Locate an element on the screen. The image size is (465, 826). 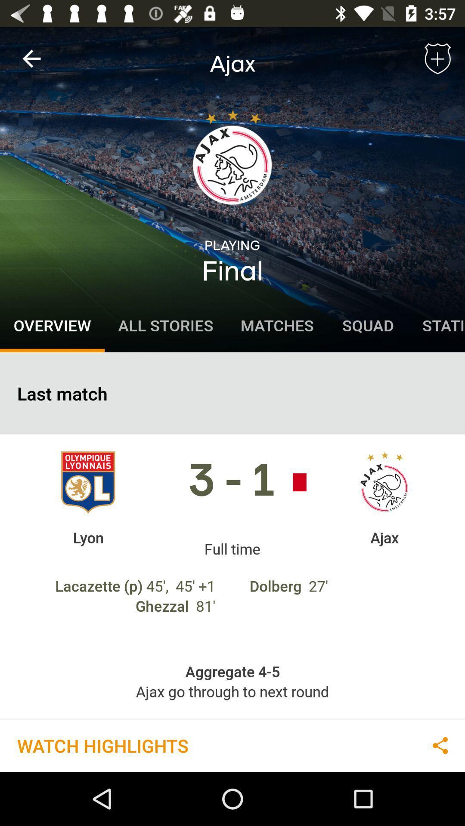
watch highlights item is located at coordinates (102, 745).